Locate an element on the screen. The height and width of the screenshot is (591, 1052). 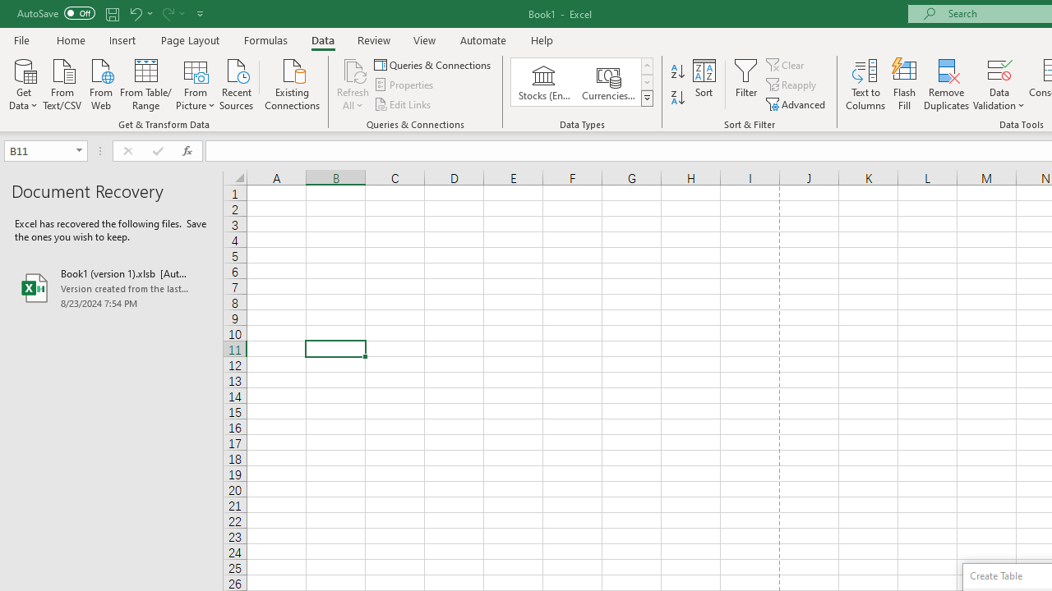
'Formulas' is located at coordinates (265, 39).